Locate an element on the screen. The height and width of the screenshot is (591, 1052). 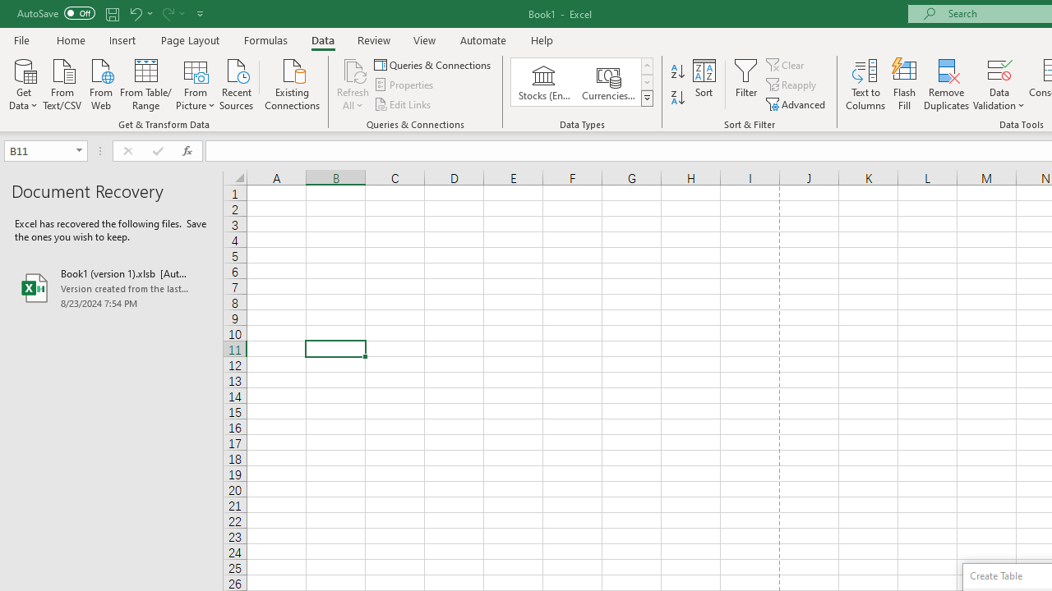
'Formulas' is located at coordinates (265, 39).